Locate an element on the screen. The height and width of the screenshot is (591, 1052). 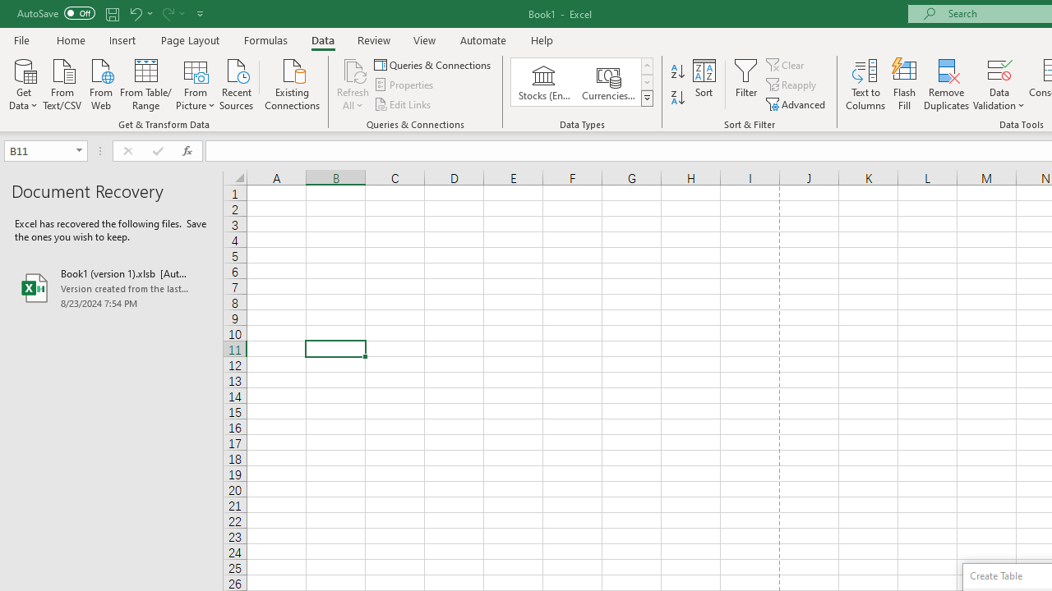
'Formulas' is located at coordinates (265, 39).